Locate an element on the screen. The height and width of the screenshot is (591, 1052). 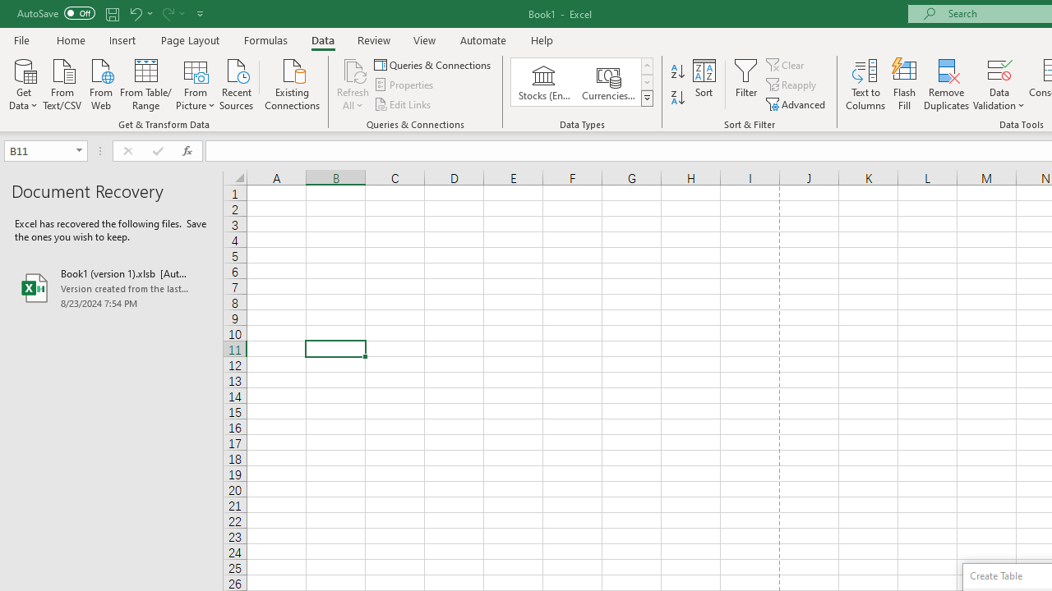
'Formulas' is located at coordinates (265, 39).